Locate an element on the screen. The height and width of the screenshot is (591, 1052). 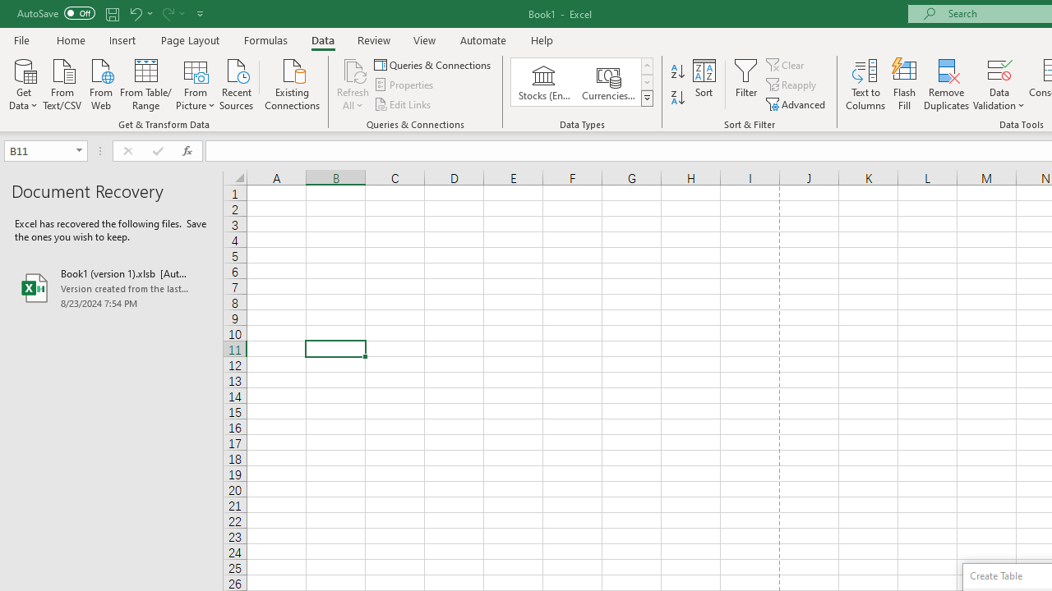
'Formulas' is located at coordinates (265, 39).